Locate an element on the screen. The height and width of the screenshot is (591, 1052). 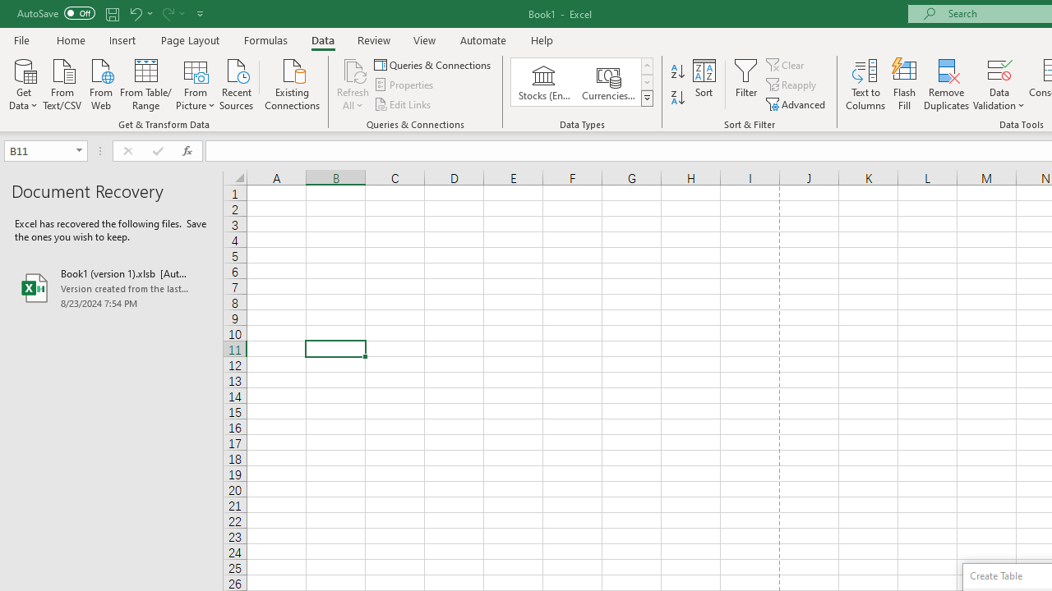
'Formulas' is located at coordinates (265, 39).